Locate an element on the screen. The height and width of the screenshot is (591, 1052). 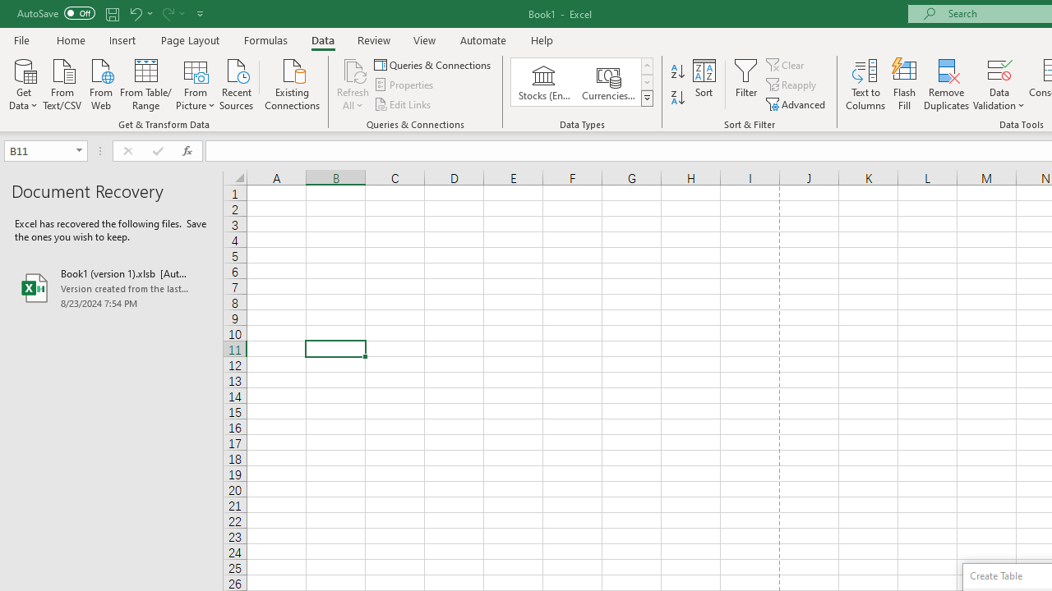
'Formulas' is located at coordinates (265, 39).